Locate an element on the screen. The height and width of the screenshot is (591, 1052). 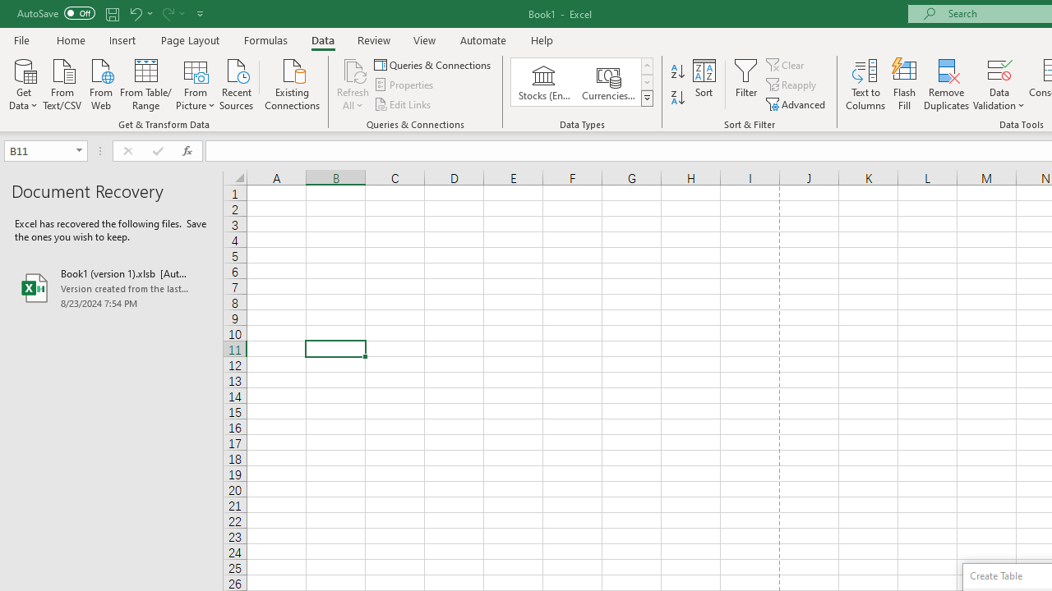
'Formulas' is located at coordinates (265, 39).